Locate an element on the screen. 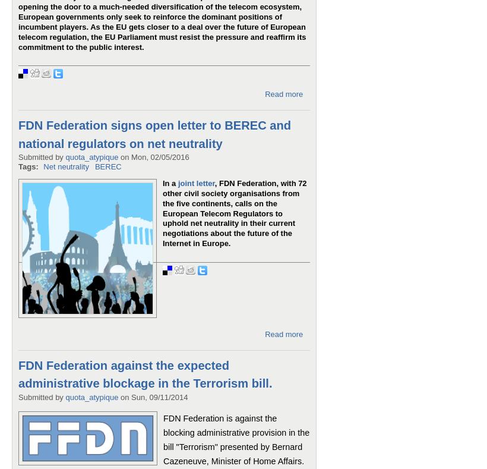 The width and height of the screenshot is (487, 469). 'FDN Federation against the expected administrative blockage in the Terrorism bill.' is located at coordinates (144, 374).